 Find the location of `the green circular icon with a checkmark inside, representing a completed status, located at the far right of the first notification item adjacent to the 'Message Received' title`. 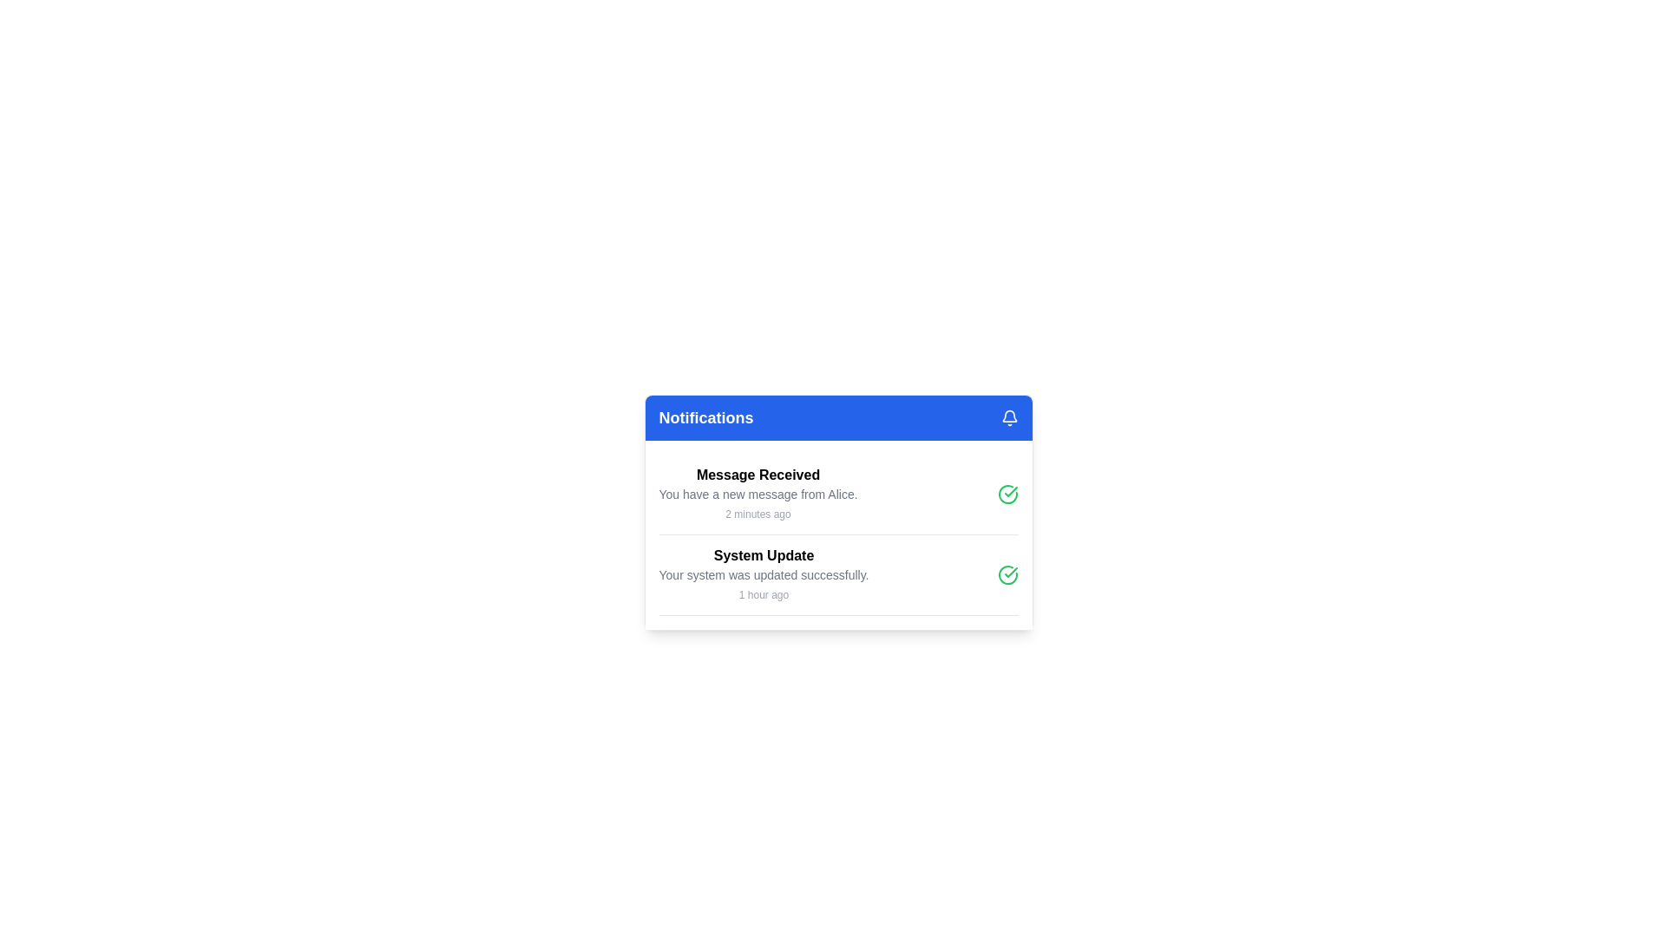

the green circular icon with a checkmark inside, representing a completed status, located at the far right of the first notification item adjacent to the 'Message Received' title is located at coordinates (1007, 495).